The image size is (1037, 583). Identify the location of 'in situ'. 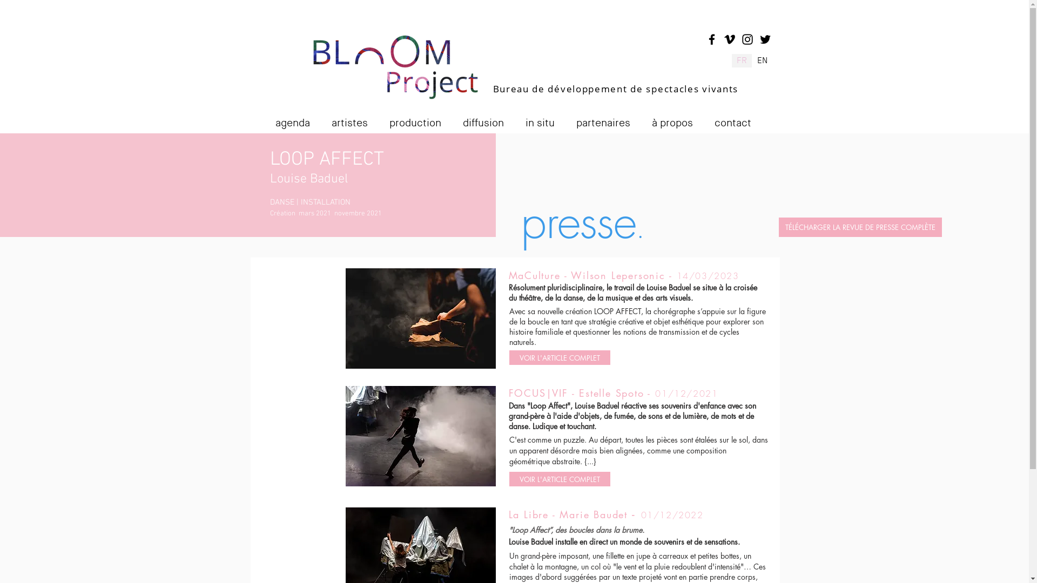
(546, 118).